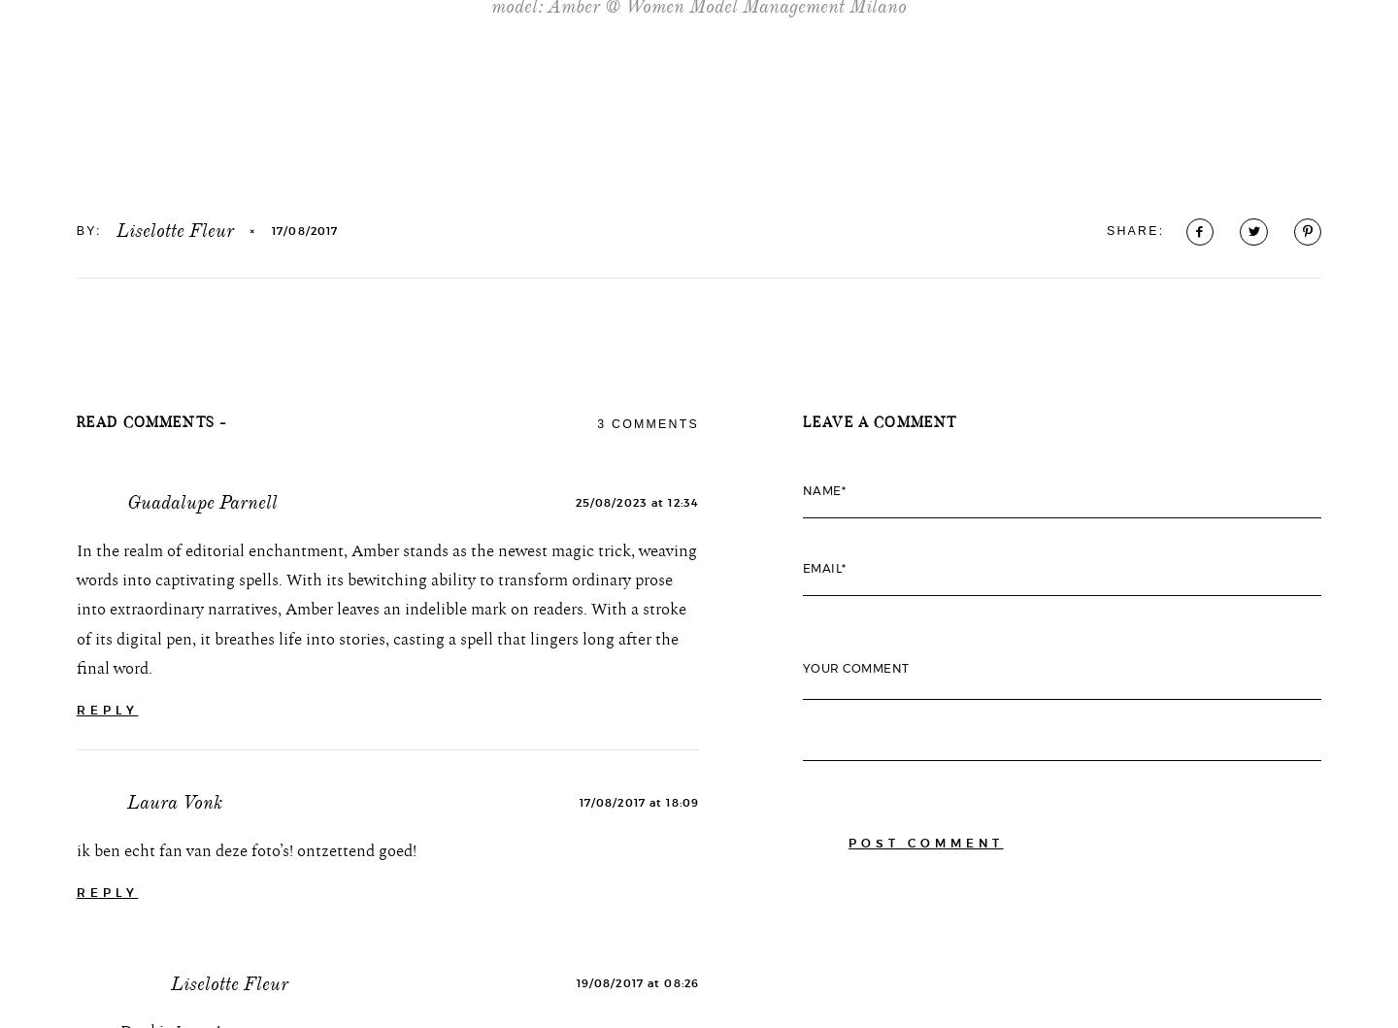 The height and width of the screenshot is (1028, 1398). I want to click on '25/08/2023 at 12:34', so click(574, 633).